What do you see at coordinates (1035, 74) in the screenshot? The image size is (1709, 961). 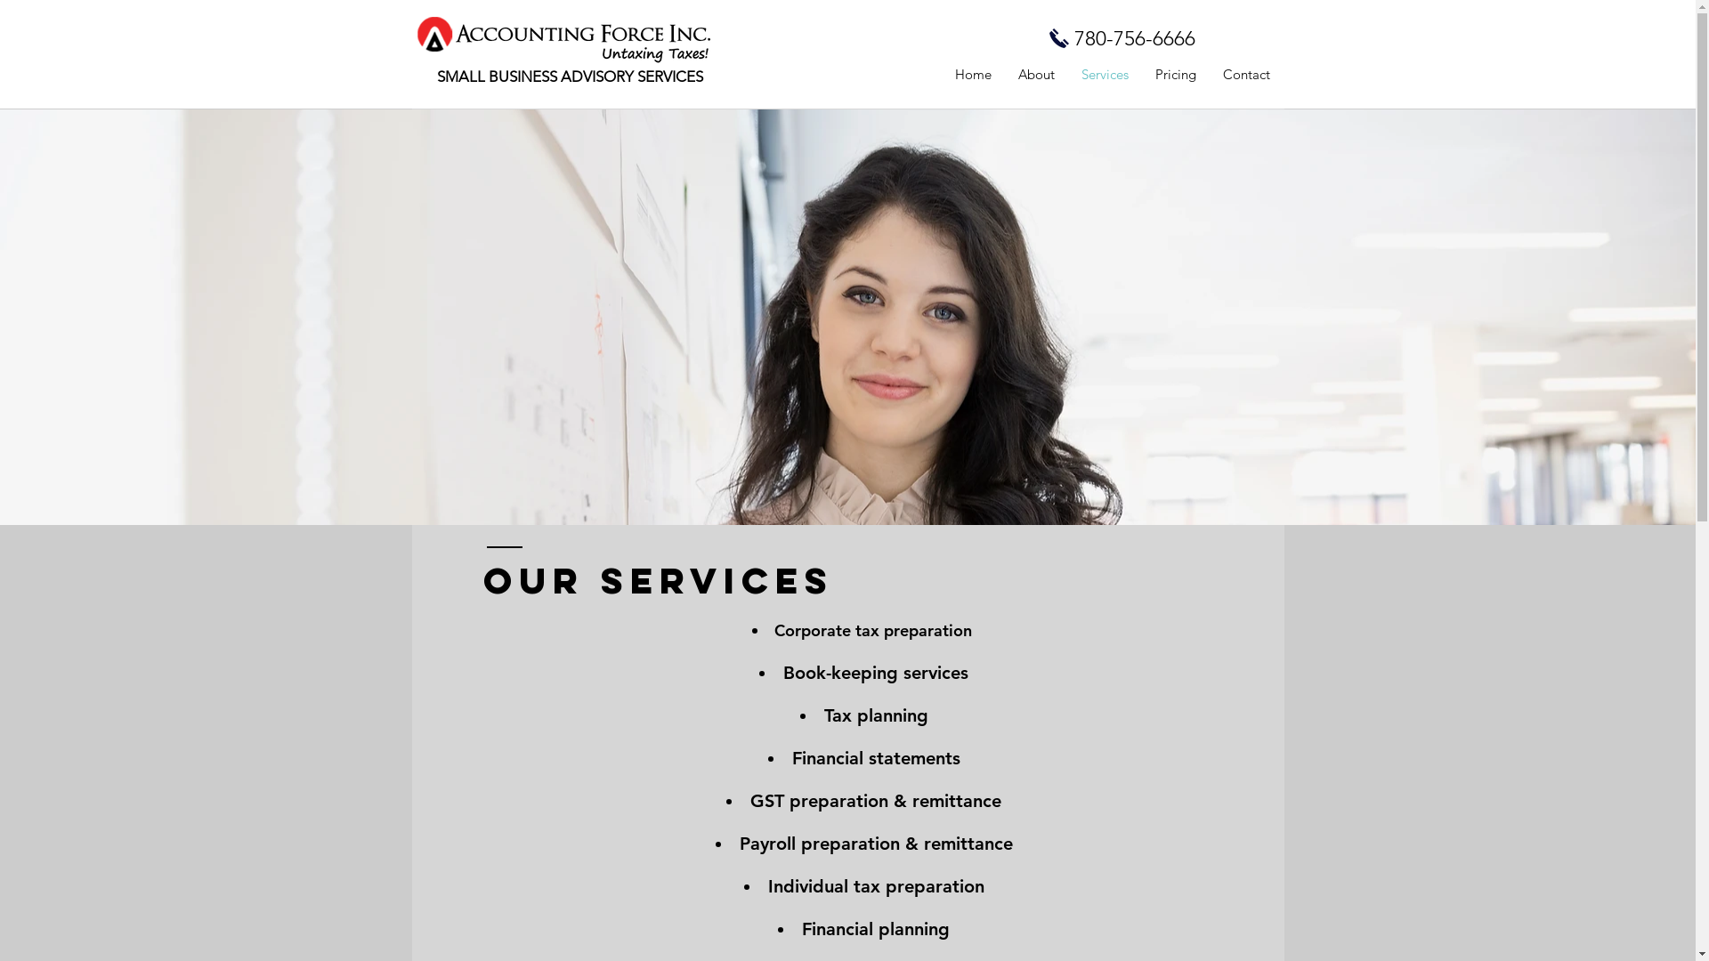 I see `'About'` at bounding box center [1035, 74].